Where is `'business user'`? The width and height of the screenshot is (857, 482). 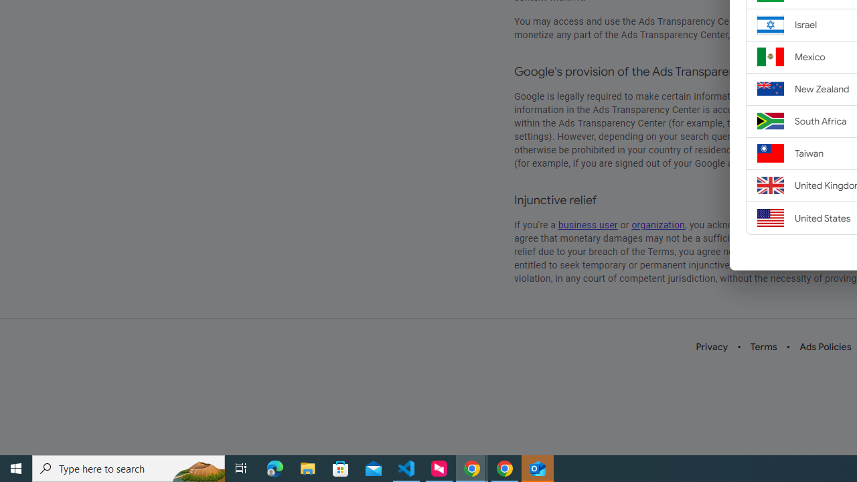
'business user' is located at coordinates (588, 224).